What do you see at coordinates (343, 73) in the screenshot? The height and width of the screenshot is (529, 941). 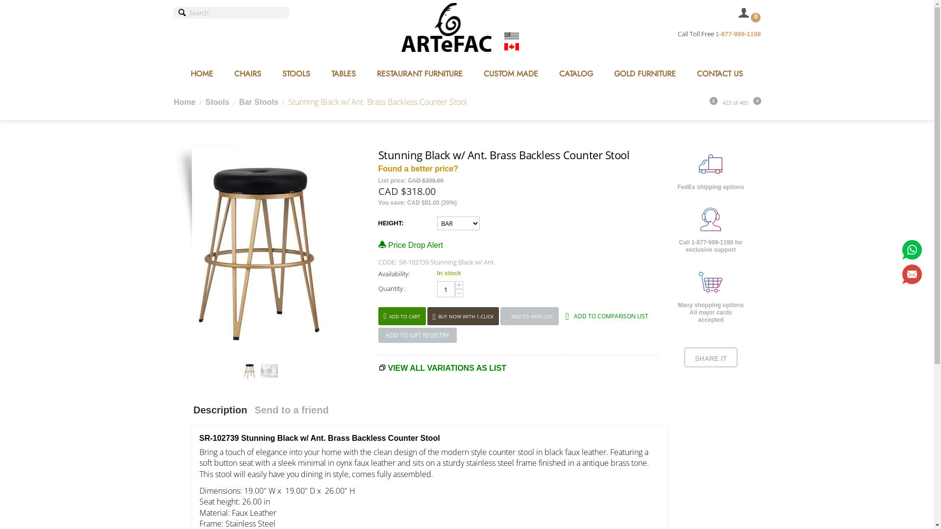 I see `'TABLES'` at bounding box center [343, 73].